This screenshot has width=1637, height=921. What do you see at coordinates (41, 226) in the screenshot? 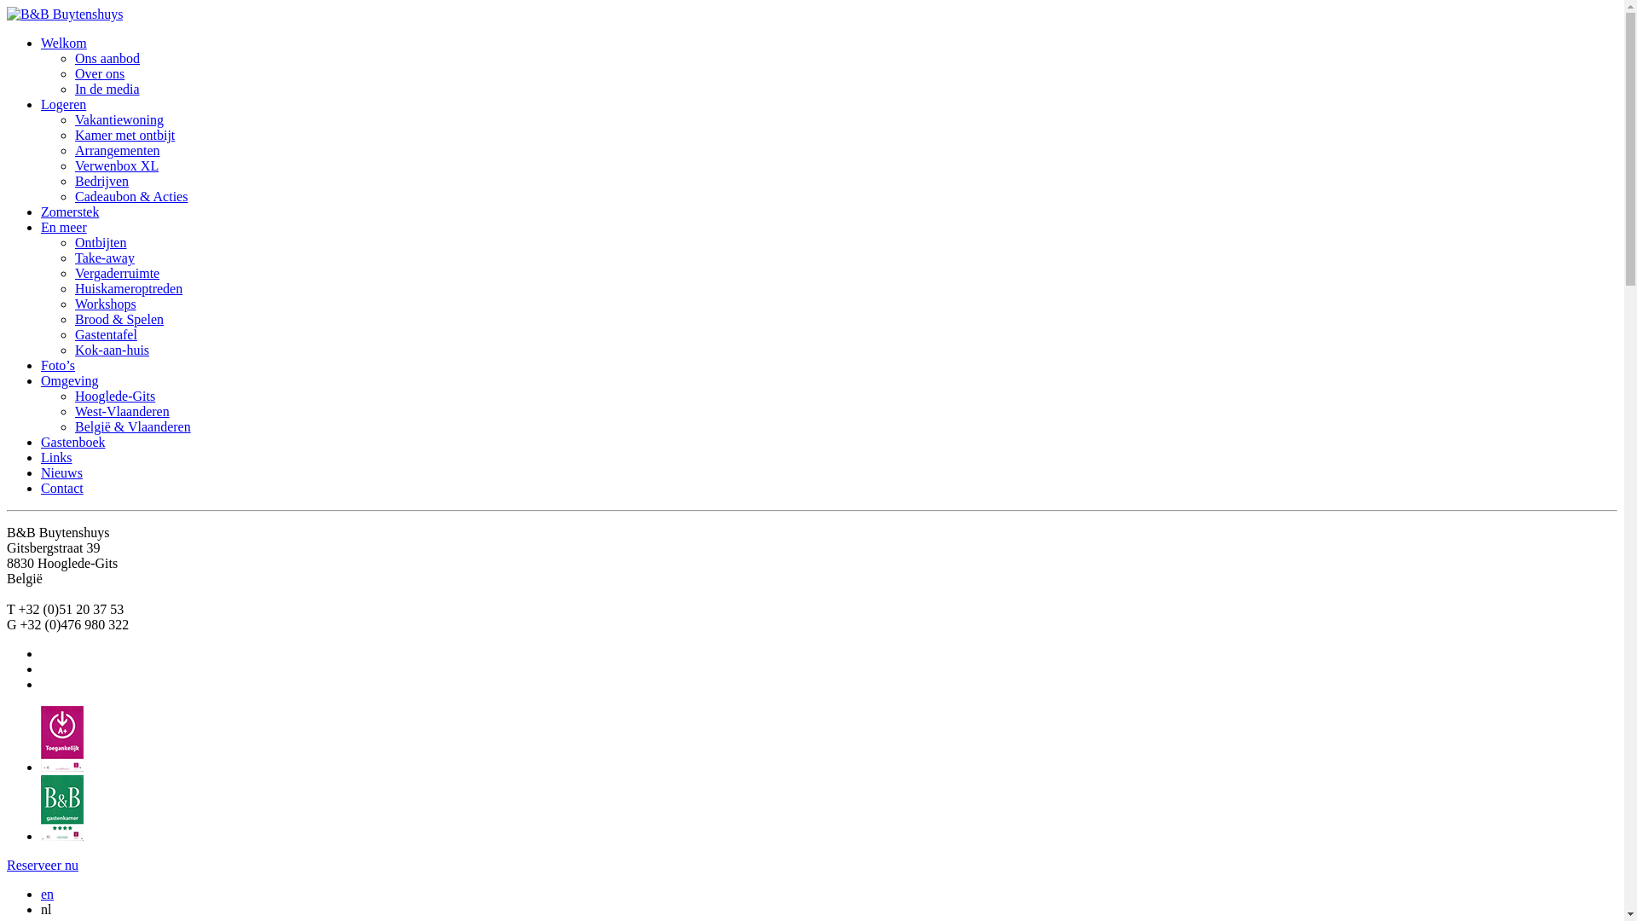
I see `'En meer'` at bounding box center [41, 226].